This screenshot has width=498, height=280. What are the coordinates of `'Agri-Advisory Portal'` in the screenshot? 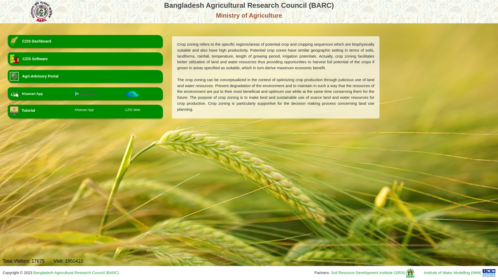 It's located at (85, 76).